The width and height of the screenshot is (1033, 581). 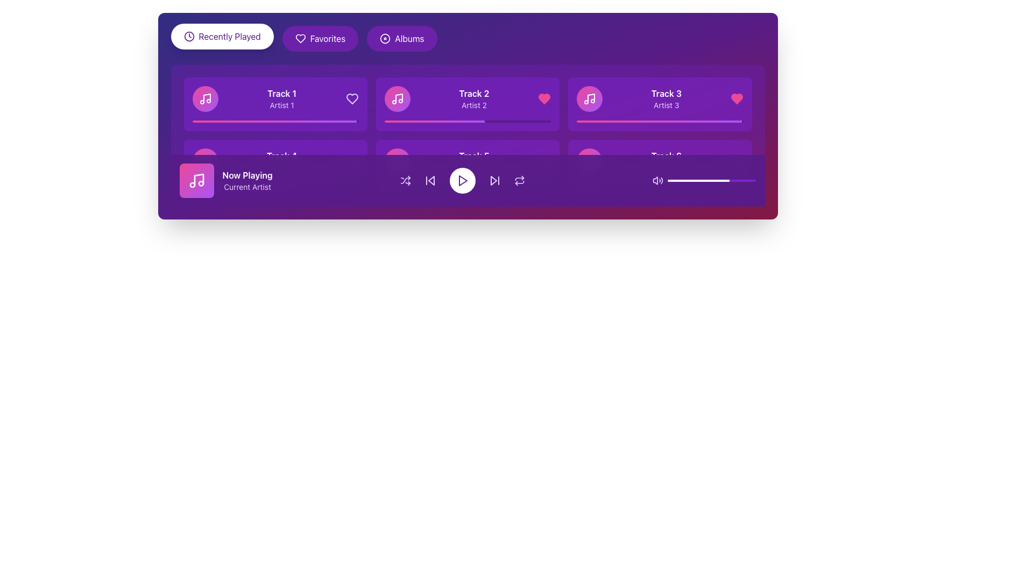 What do you see at coordinates (352, 99) in the screenshot?
I see `the 'like' icon button for 'Track 1: Artist 1'` at bounding box center [352, 99].